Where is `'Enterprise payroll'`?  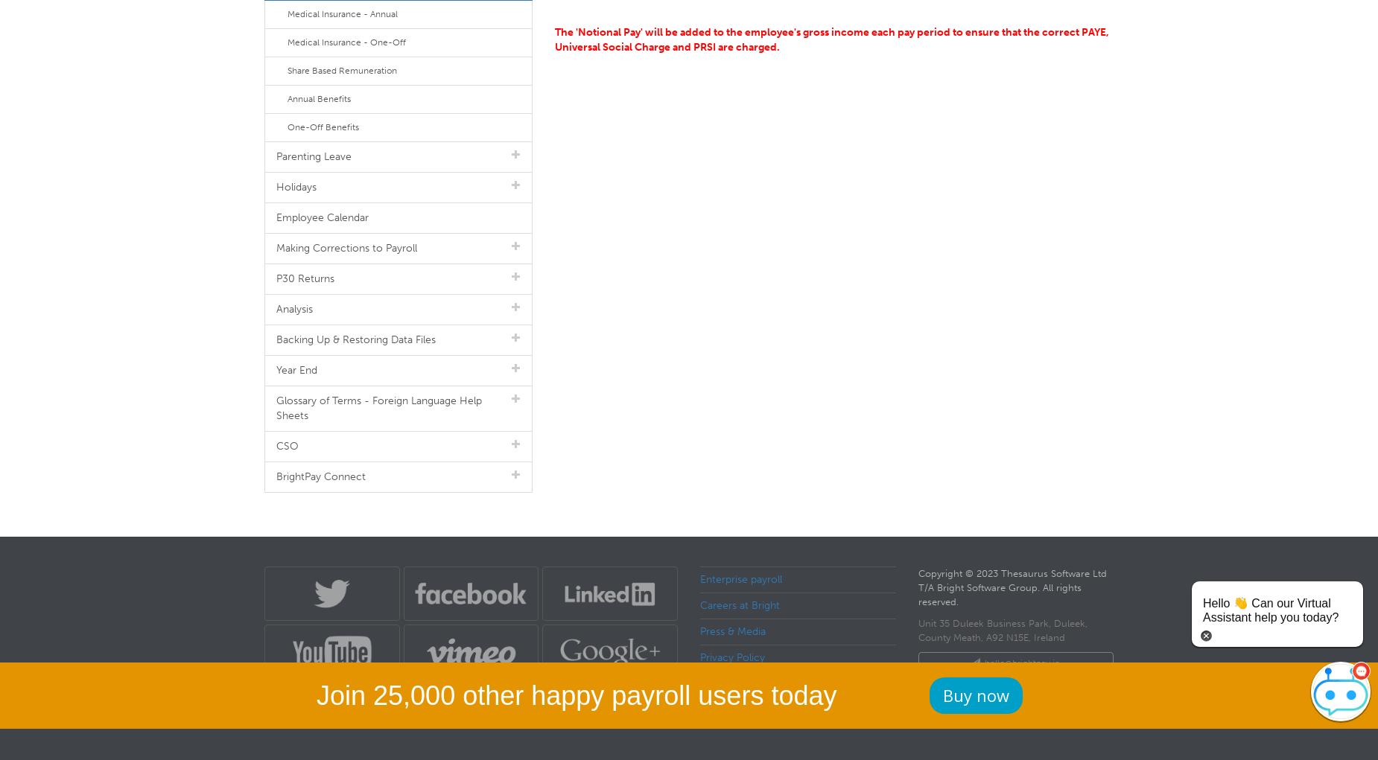 'Enterprise payroll' is located at coordinates (740, 579).